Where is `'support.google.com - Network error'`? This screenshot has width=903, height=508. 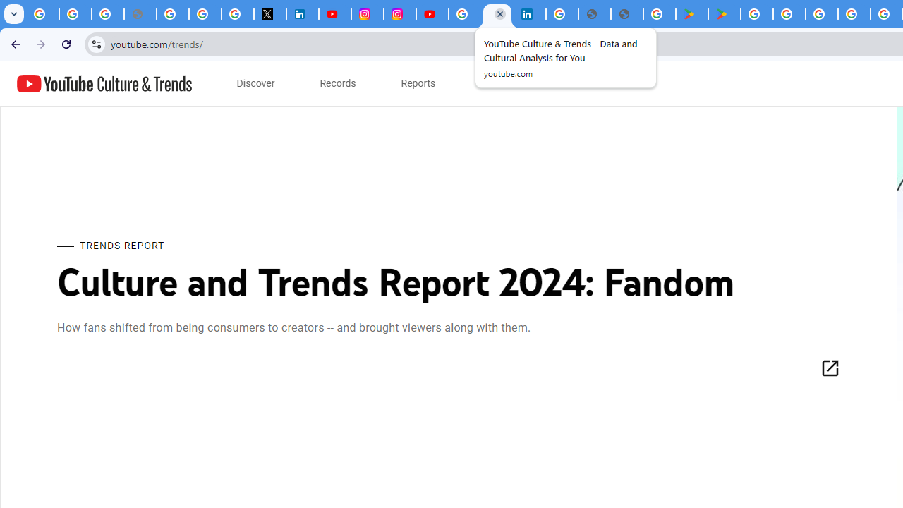 'support.google.com - Network error' is located at coordinates (140, 14).